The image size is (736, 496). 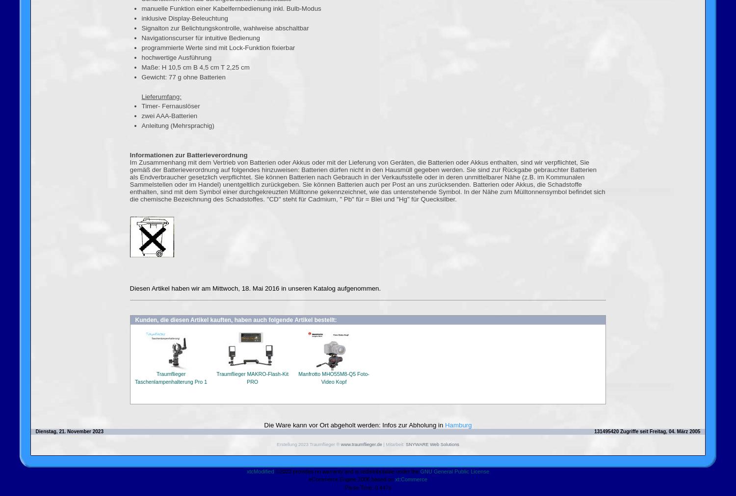 I want to click on 'hochwertige Ausführung', so click(x=141, y=56).